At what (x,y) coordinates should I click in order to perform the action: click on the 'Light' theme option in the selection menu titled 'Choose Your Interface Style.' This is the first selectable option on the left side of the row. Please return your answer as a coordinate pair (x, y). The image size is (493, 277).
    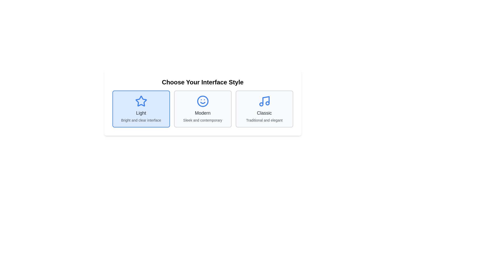
    Looking at the image, I should click on (141, 108).